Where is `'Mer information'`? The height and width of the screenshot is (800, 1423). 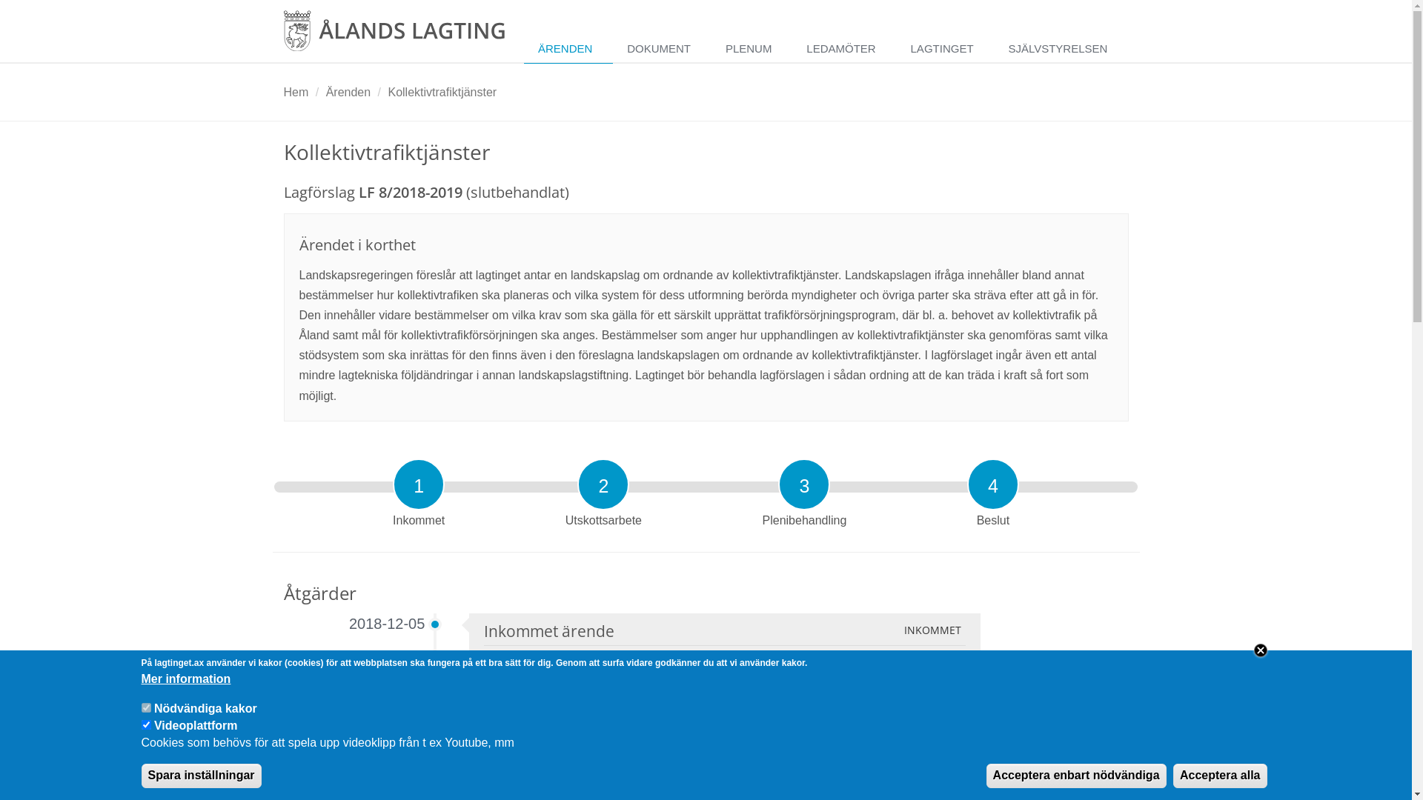
'Mer information' is located at coordinates (185, 679).